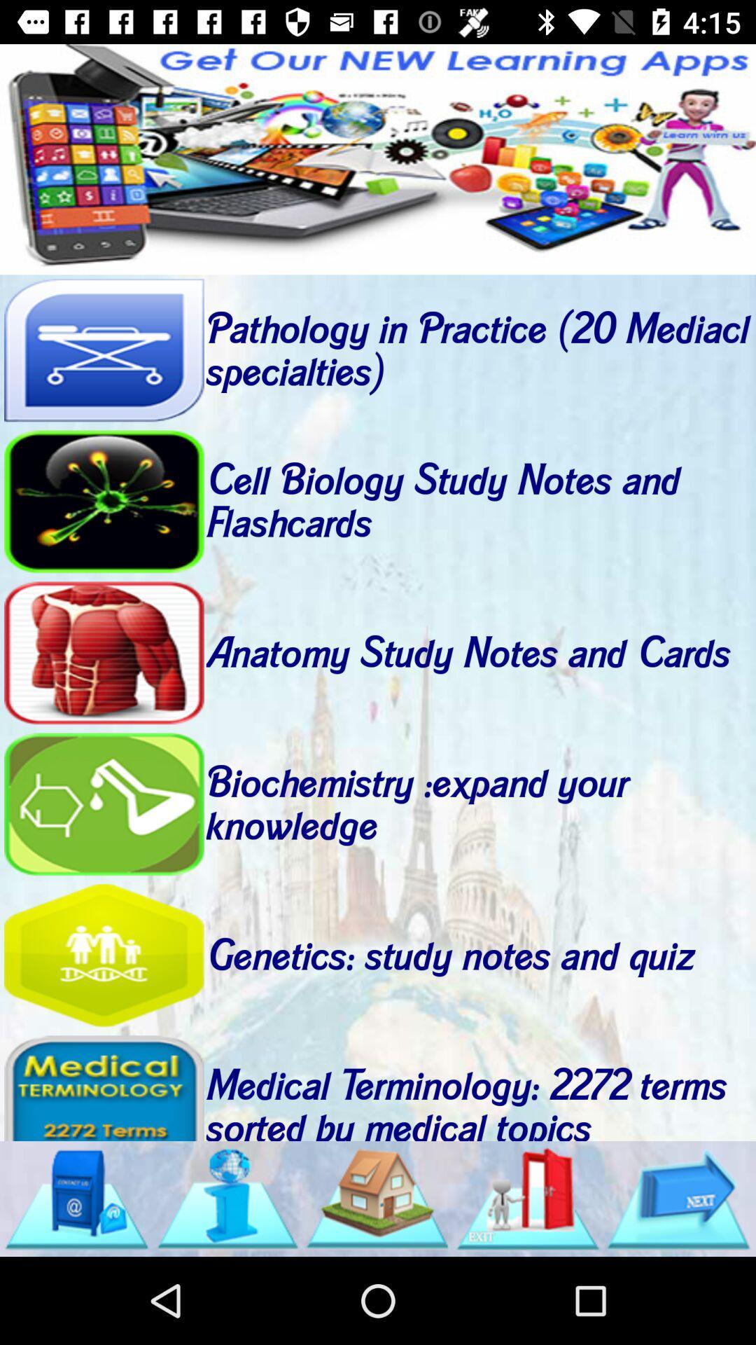 Image resolution: width=756 pixels, height=1345 pixels. Describe the element at coordinates (528, 1198) in the screenshot. I see `click image` at that location.